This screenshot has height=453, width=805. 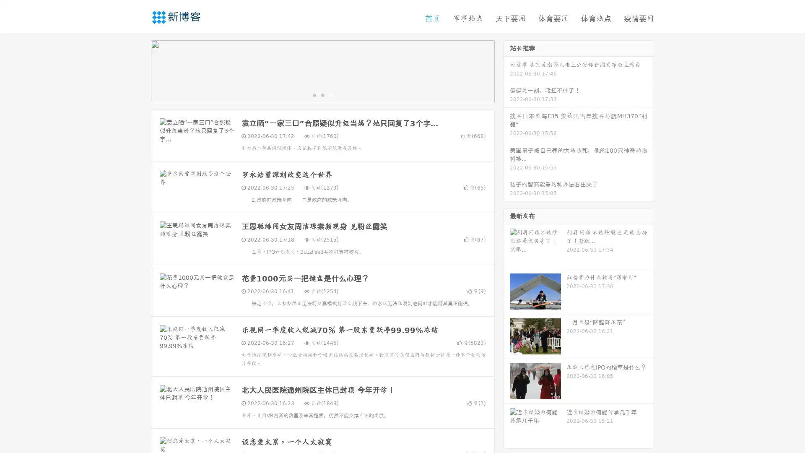 What do you see at coordinates (331, 94) in the screenshot?
I see `Go to slide 3` at bounding box center [331, 94].